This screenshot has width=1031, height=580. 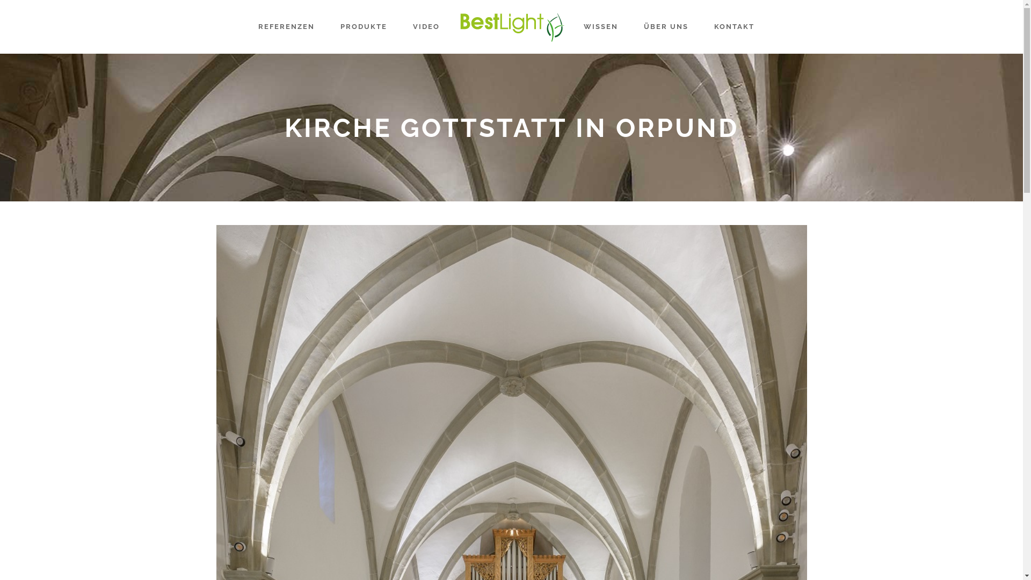 I want to click on 'PRODUKTE', so click(x=364, y=26).